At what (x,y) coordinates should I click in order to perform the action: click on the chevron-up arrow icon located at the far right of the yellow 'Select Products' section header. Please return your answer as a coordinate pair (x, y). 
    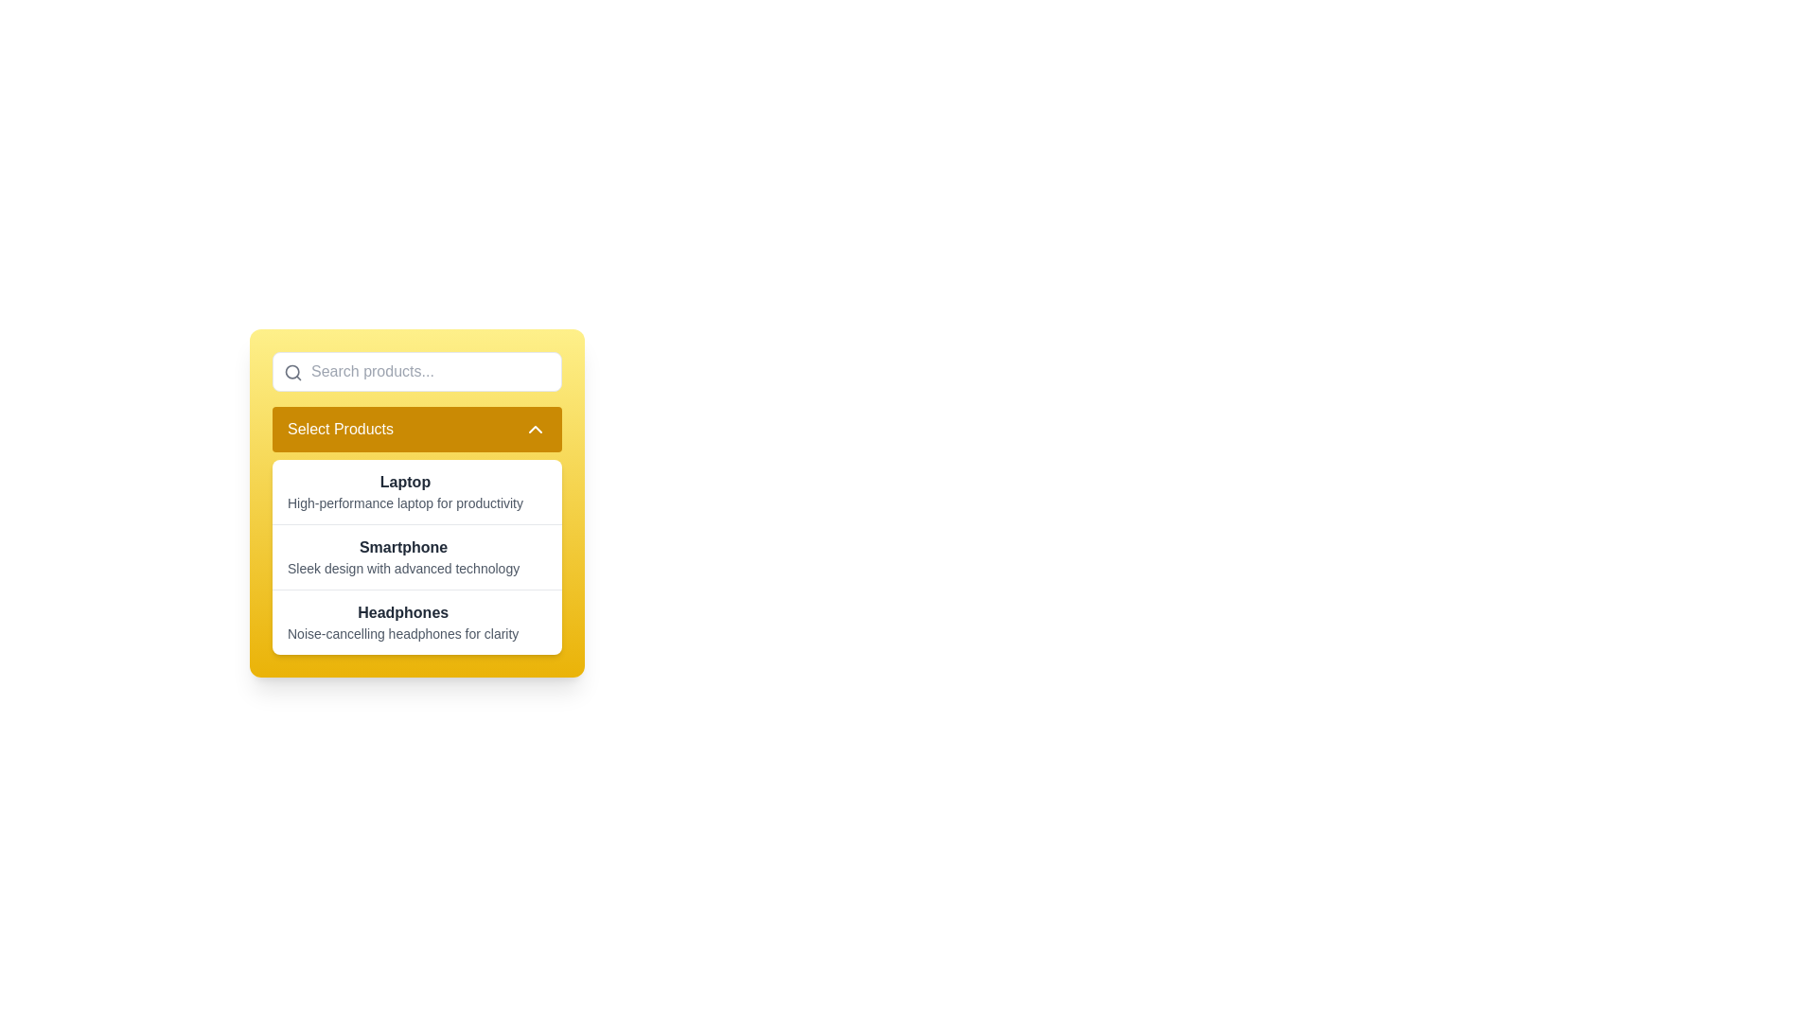
    Looking at the image, I should click on (535, 430).